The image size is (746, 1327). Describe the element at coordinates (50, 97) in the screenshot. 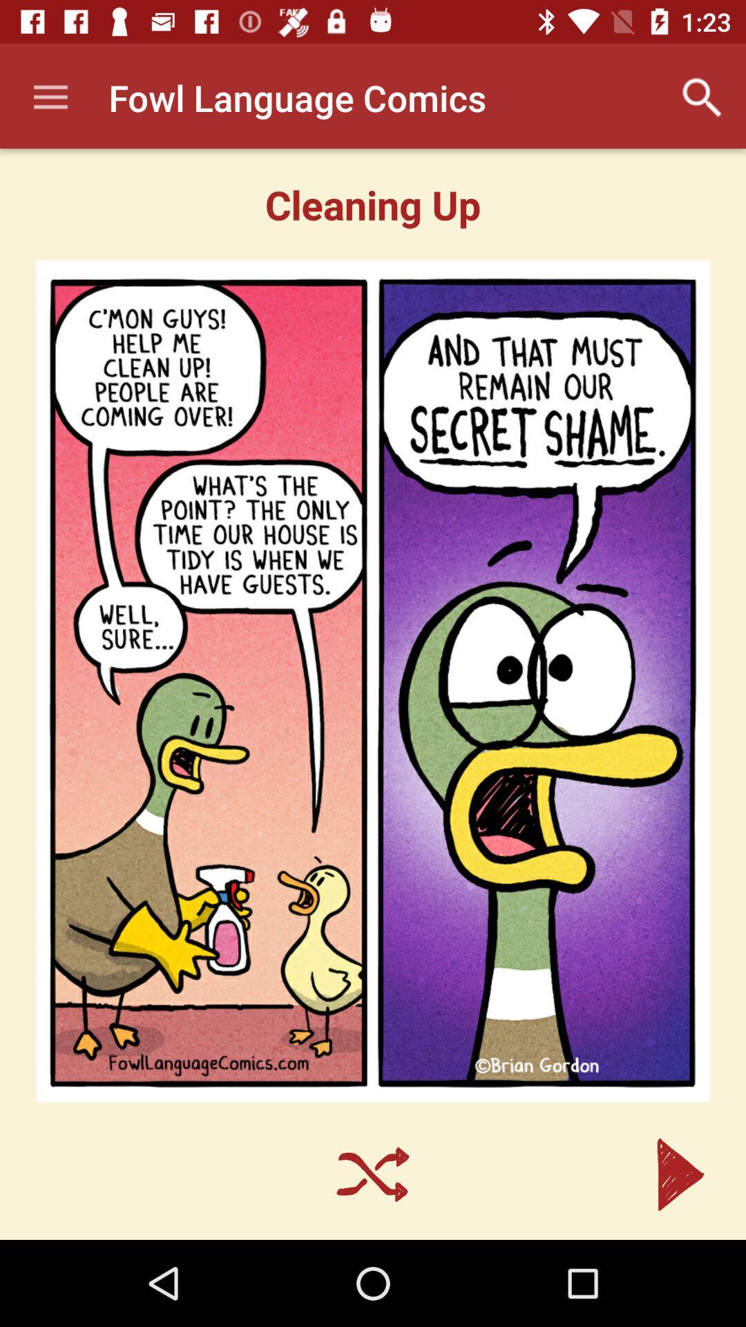

I see `item to the left of the fowl language comics app` at that location.